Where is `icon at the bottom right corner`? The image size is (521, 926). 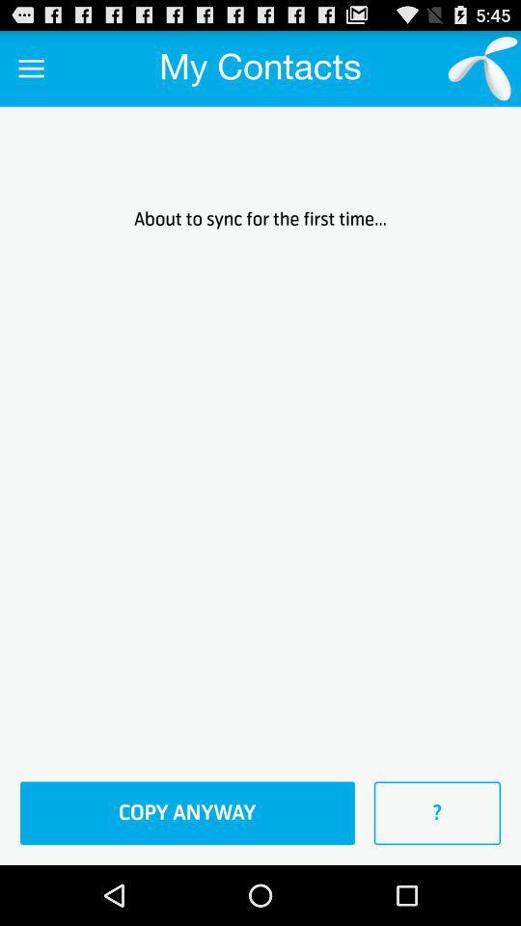
icon at the bottom right corner is located at coordinates (437, 812).